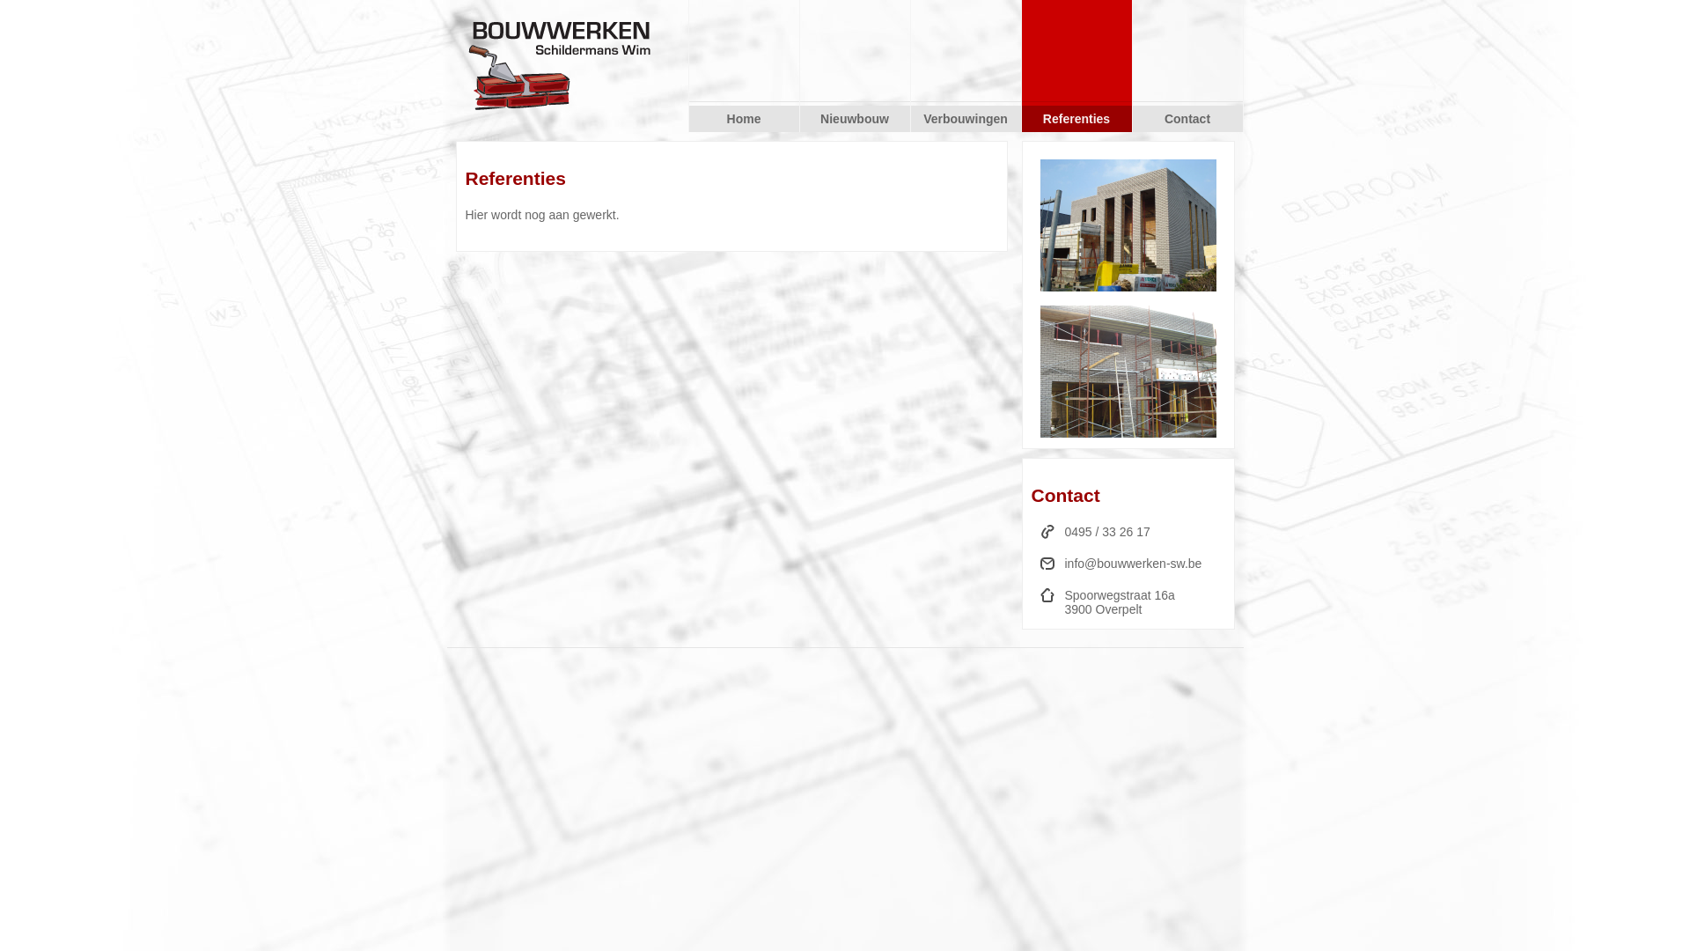 The height and width of the screenshot is (951, 1690). What do you see at coordinates (797, 119) in the screenshot?
I see `'Nieuwbouw'` at bounding box center [797, 119].